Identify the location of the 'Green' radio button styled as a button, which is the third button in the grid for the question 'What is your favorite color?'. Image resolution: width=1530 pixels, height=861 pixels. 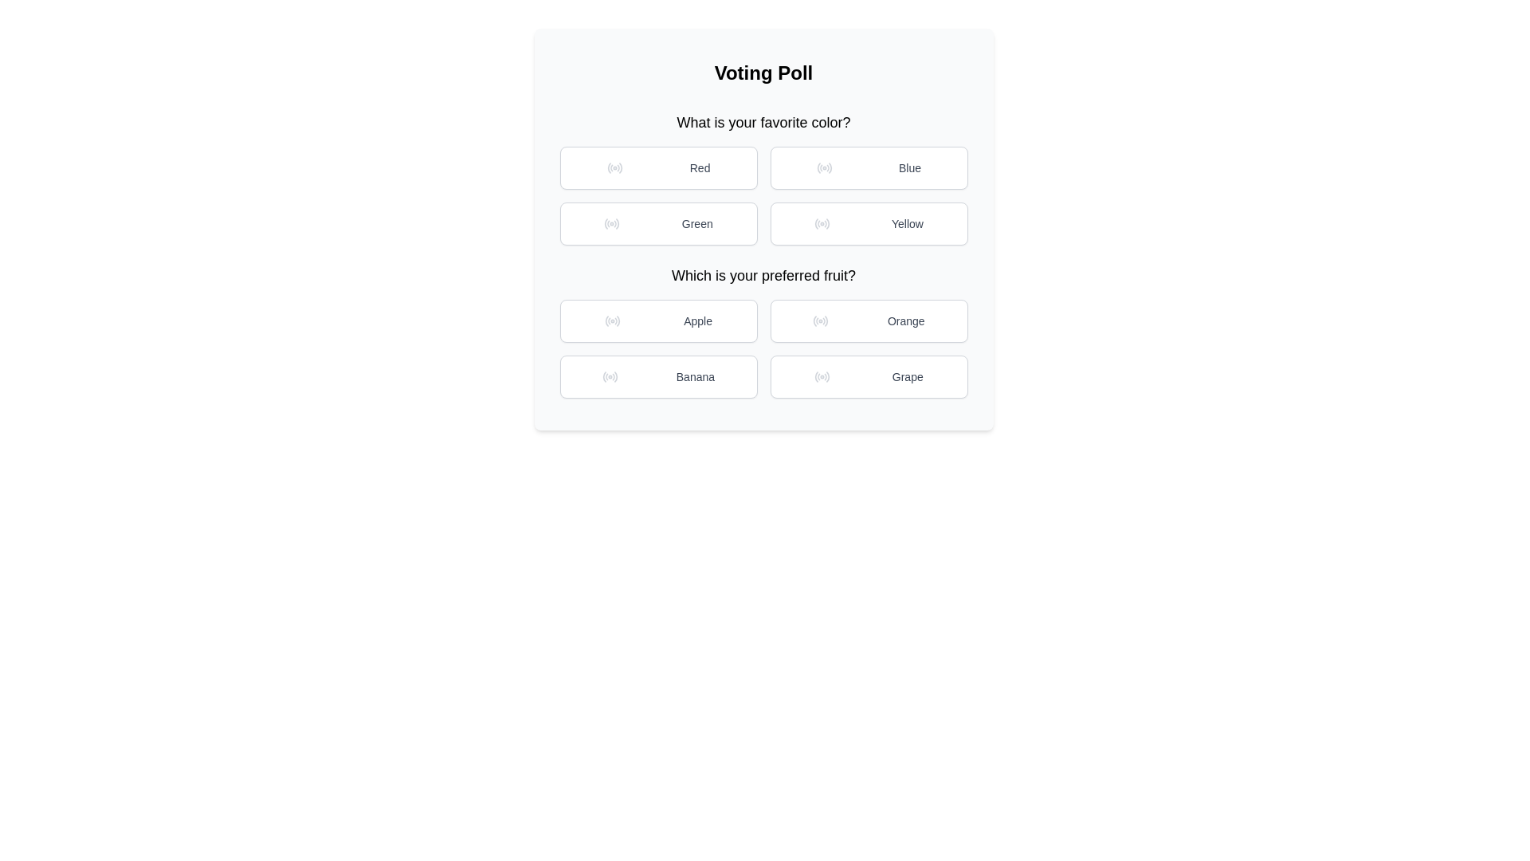
(658, 224).